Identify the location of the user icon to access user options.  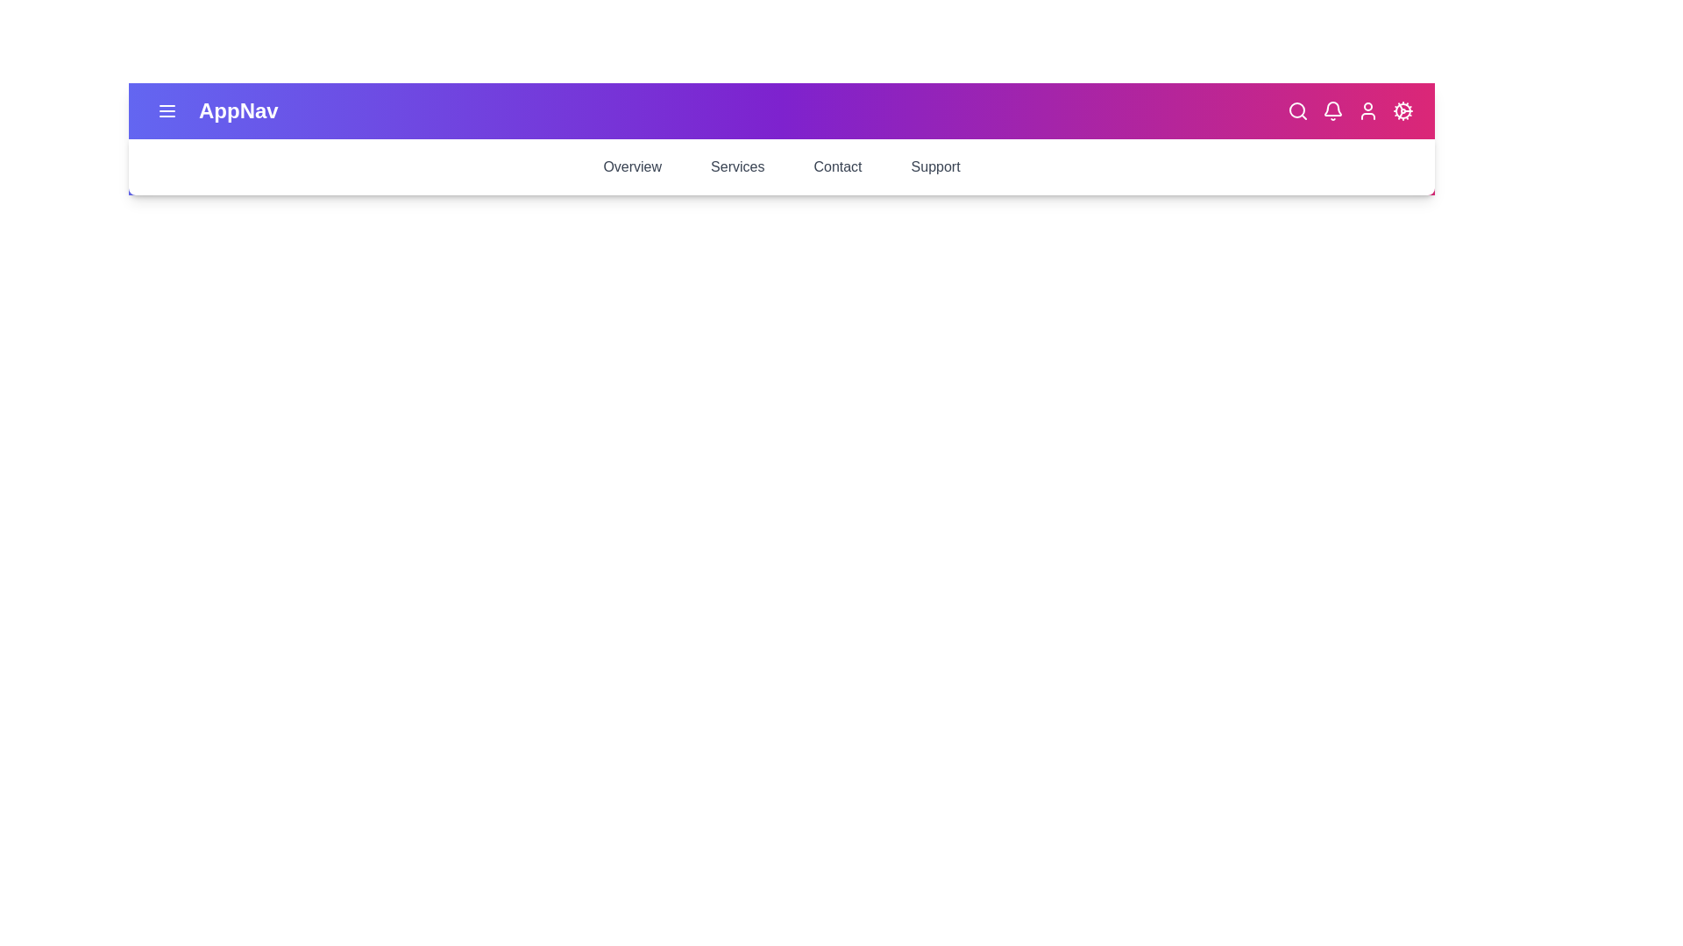
(1367, 111).